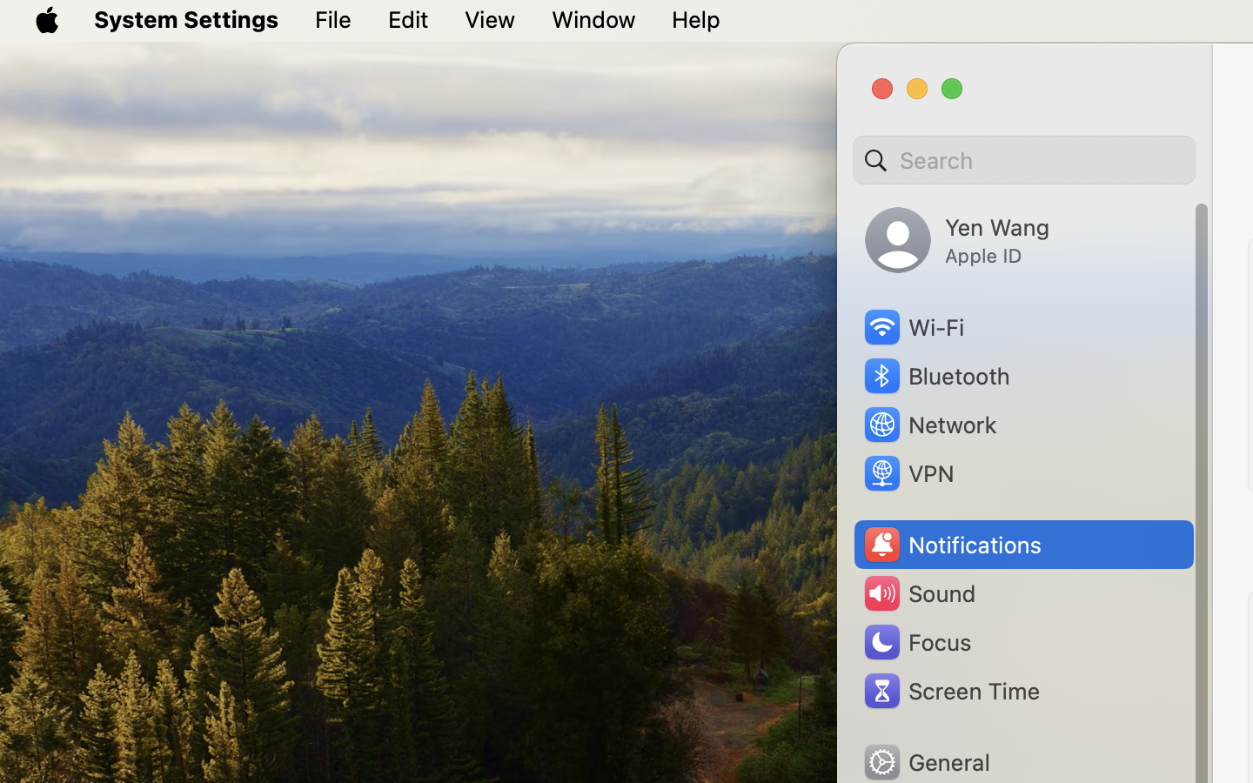 This screenshot has width=1253, height=783. What do you see at coordinates (913, 327) in the screenshot?
I see `'Wi‑Fi'` at bounding box center [913, 327].